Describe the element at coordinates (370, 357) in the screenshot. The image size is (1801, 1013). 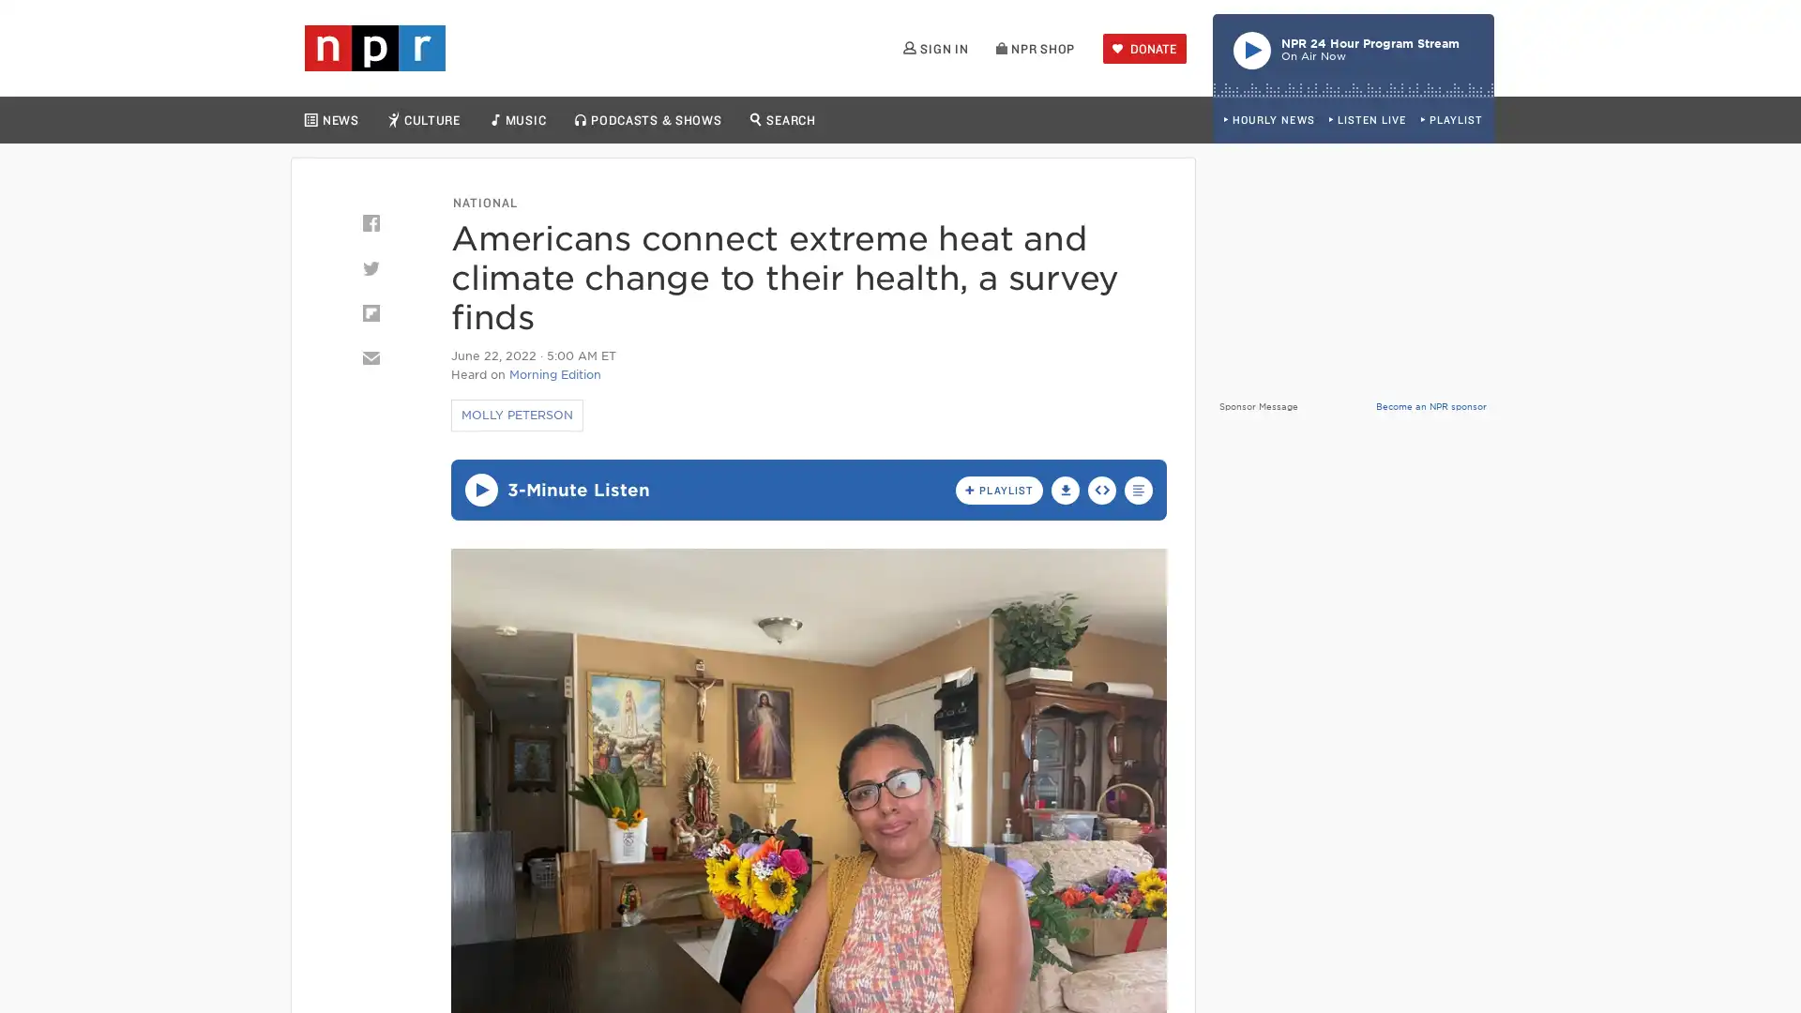
I see `Email` at that location.